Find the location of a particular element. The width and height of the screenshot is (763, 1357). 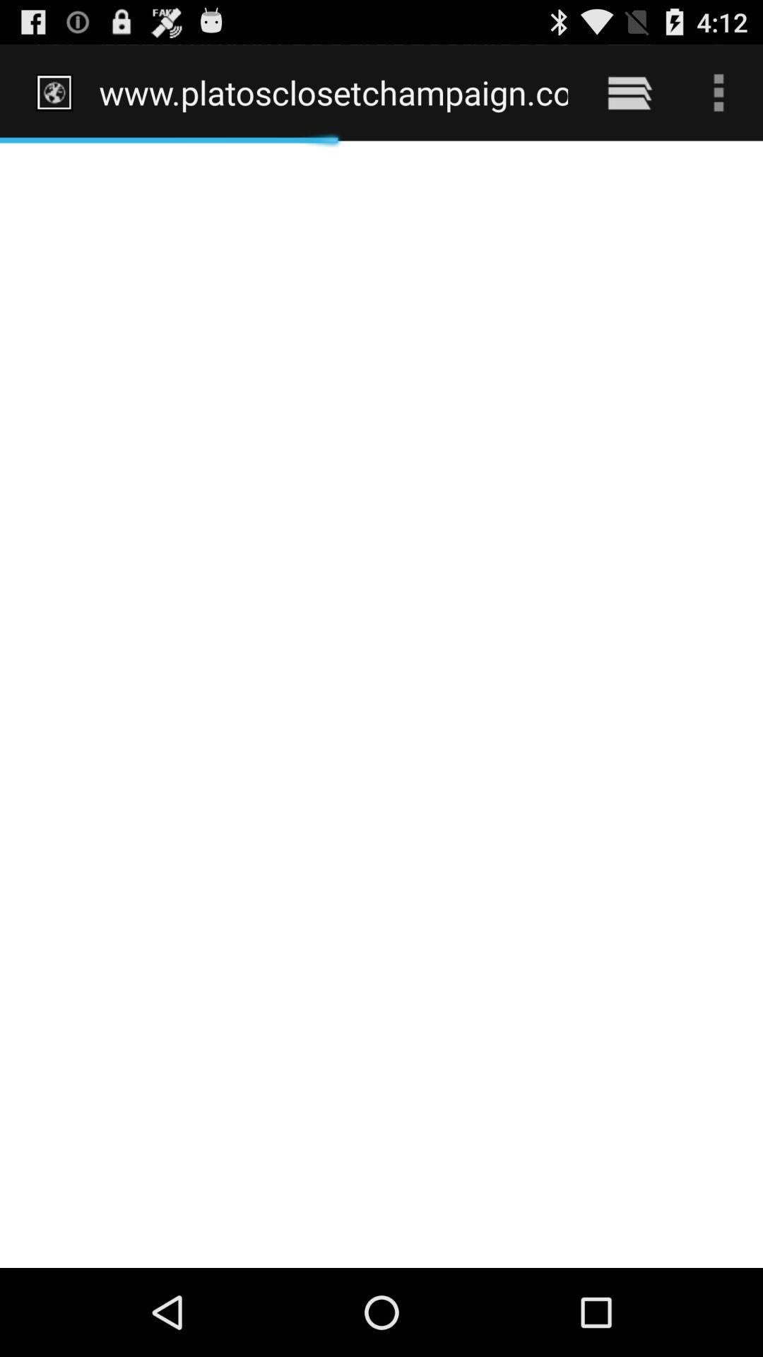

item below www.platosclosetchampaign.com icon is located at coordinates (381, 704).